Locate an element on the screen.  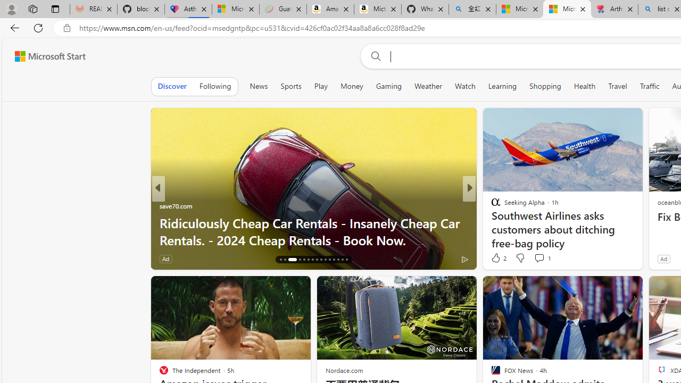
'Arthritis: Ask Health Professionals' is located at coordinates (614, 9).